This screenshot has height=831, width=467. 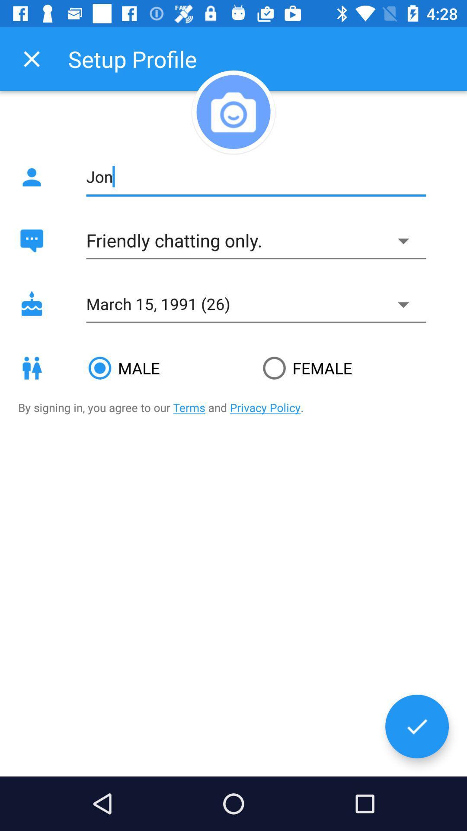 What do you see at coordinates (256, 305) in the screenshot?
I see `the field which says march 15 1996 26` at bounding box center [256, 305].